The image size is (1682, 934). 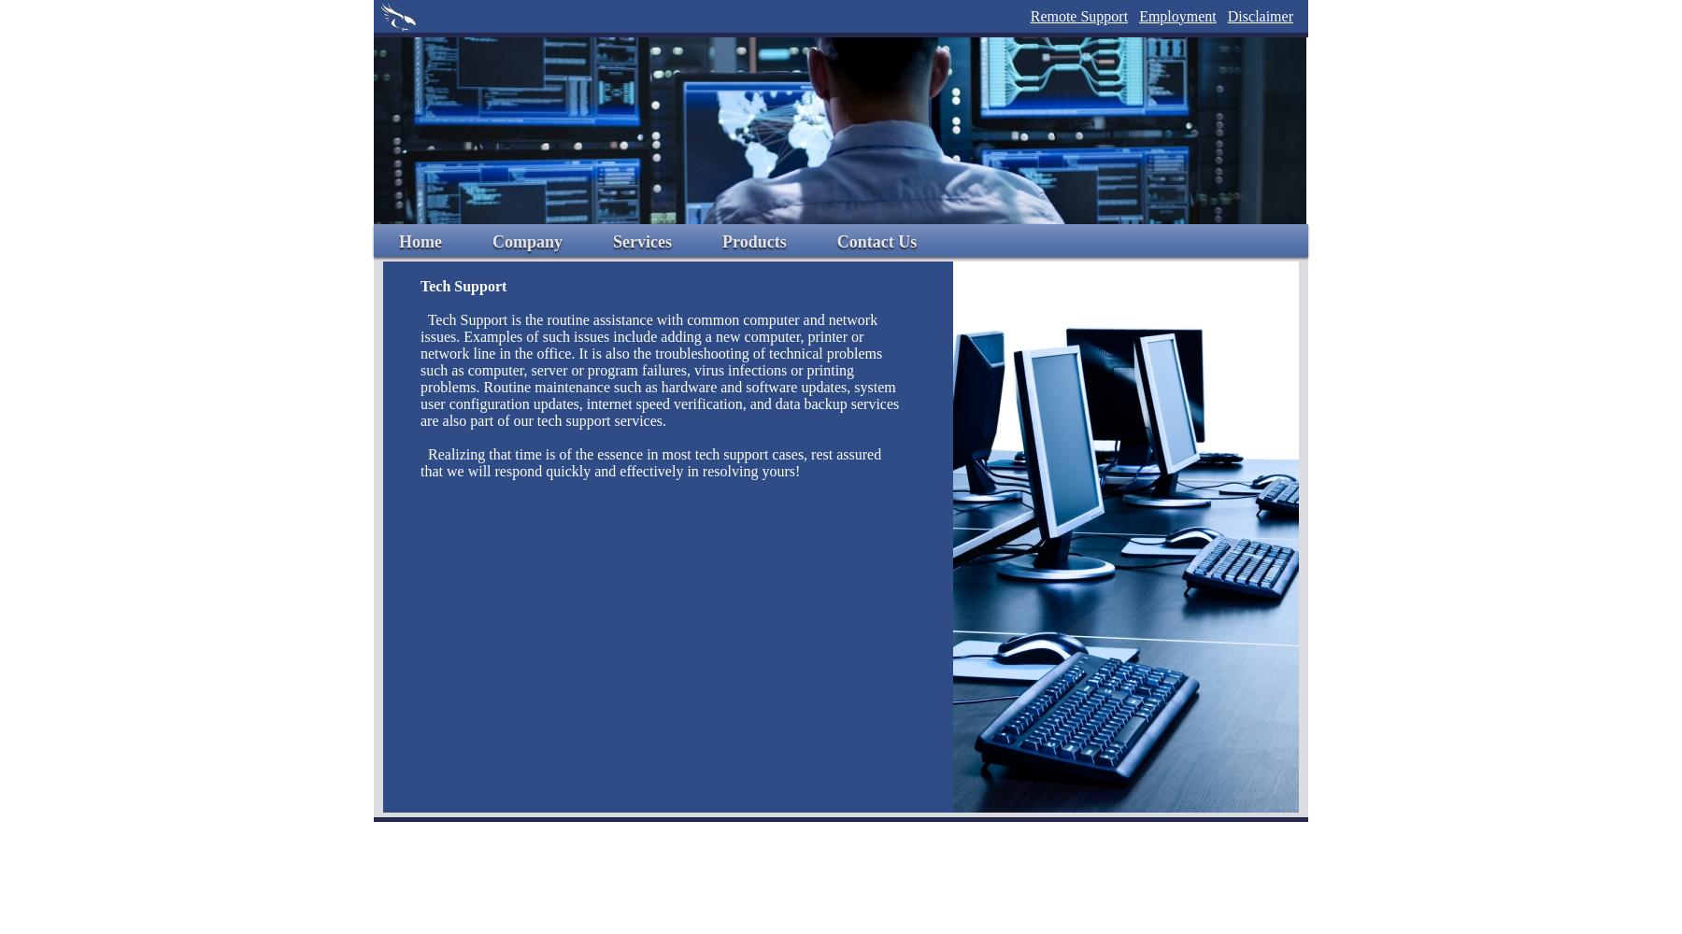 What do you see at coordinates (525, 242) in the screenshot?
I see `'Company'` at bounding box center [525, 242].